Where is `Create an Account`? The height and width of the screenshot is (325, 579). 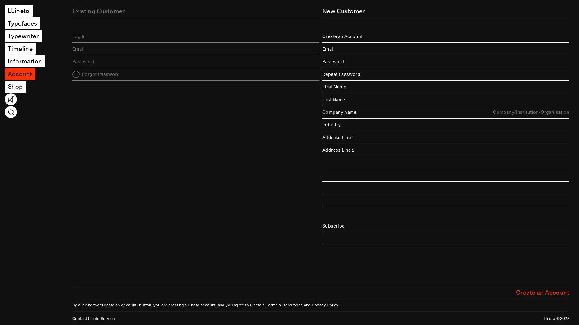 Create an Account is located at coordinates (543, 292).